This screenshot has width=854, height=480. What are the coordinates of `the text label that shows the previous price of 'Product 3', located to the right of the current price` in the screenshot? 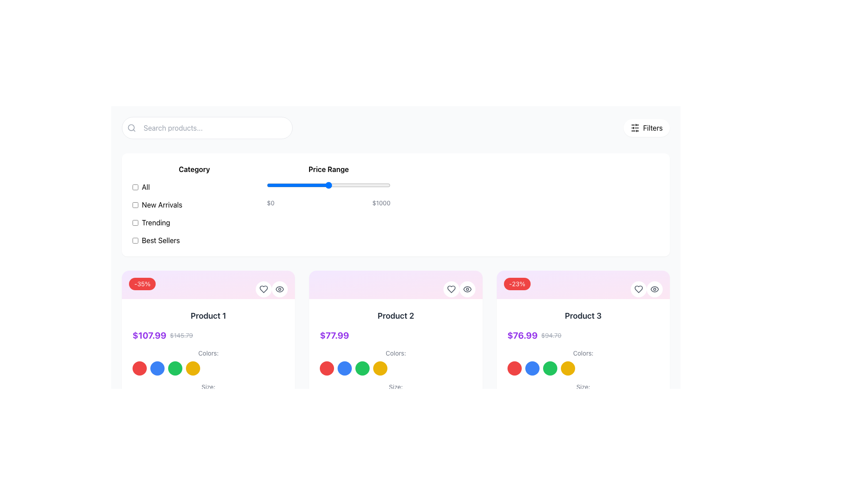 It's located at (551, 336).